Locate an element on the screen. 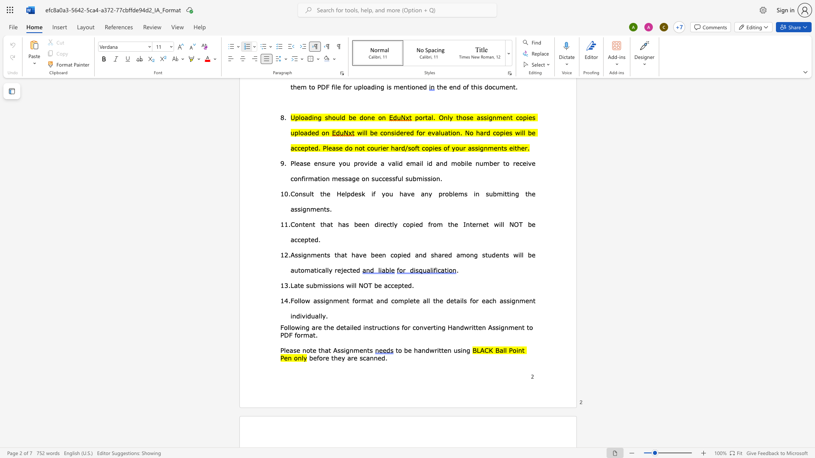 The image size is (815, 458). the space between the continuous character "v" and "e" in the text is located at coordinates (363, 254).